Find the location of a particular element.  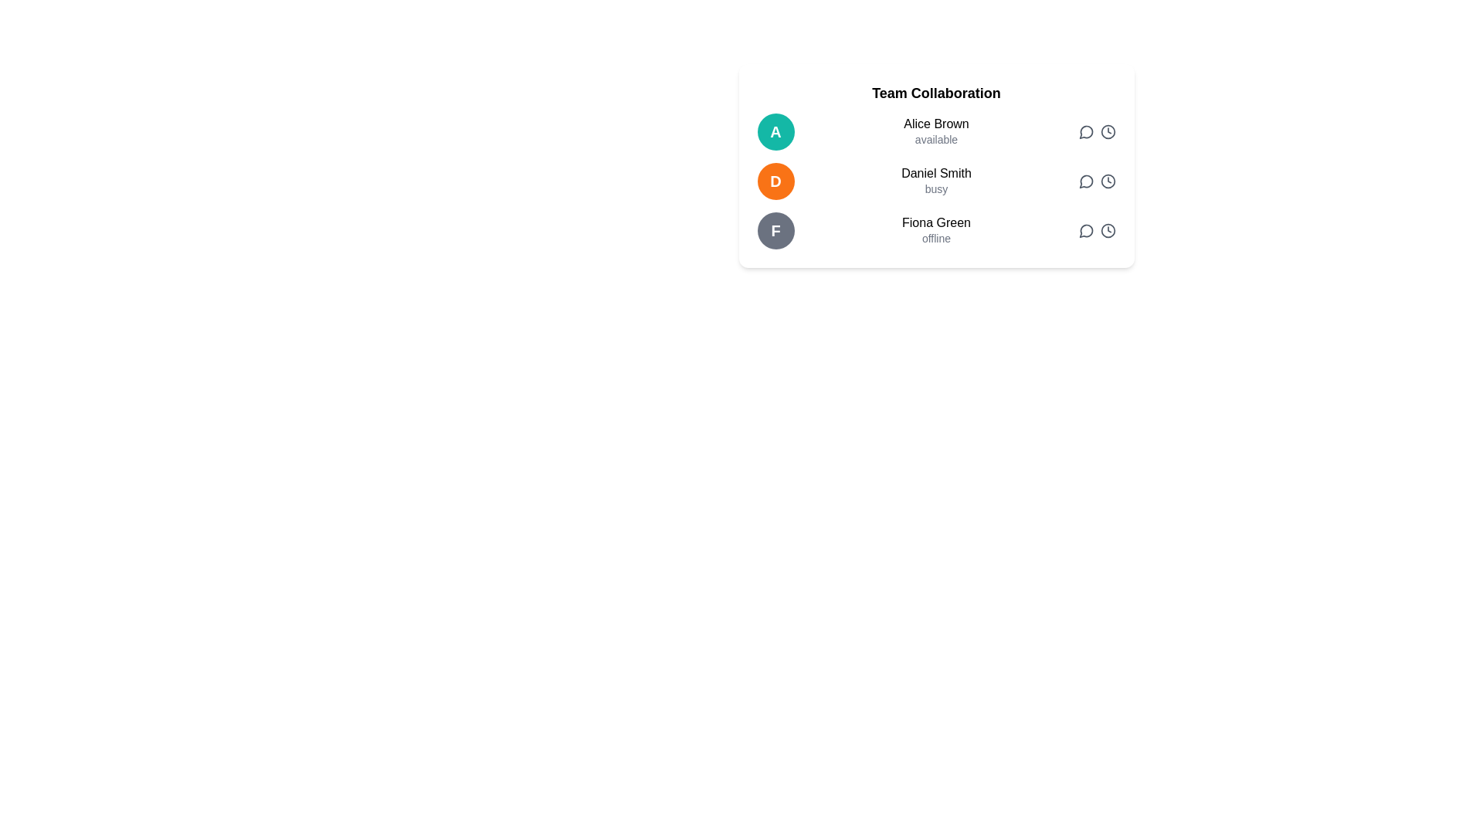

the text label displaying the name 'Alice Brown', which serves as an identifier for this user in the 'Team Collaboration' contacts list is located at coordinates (935, 124).